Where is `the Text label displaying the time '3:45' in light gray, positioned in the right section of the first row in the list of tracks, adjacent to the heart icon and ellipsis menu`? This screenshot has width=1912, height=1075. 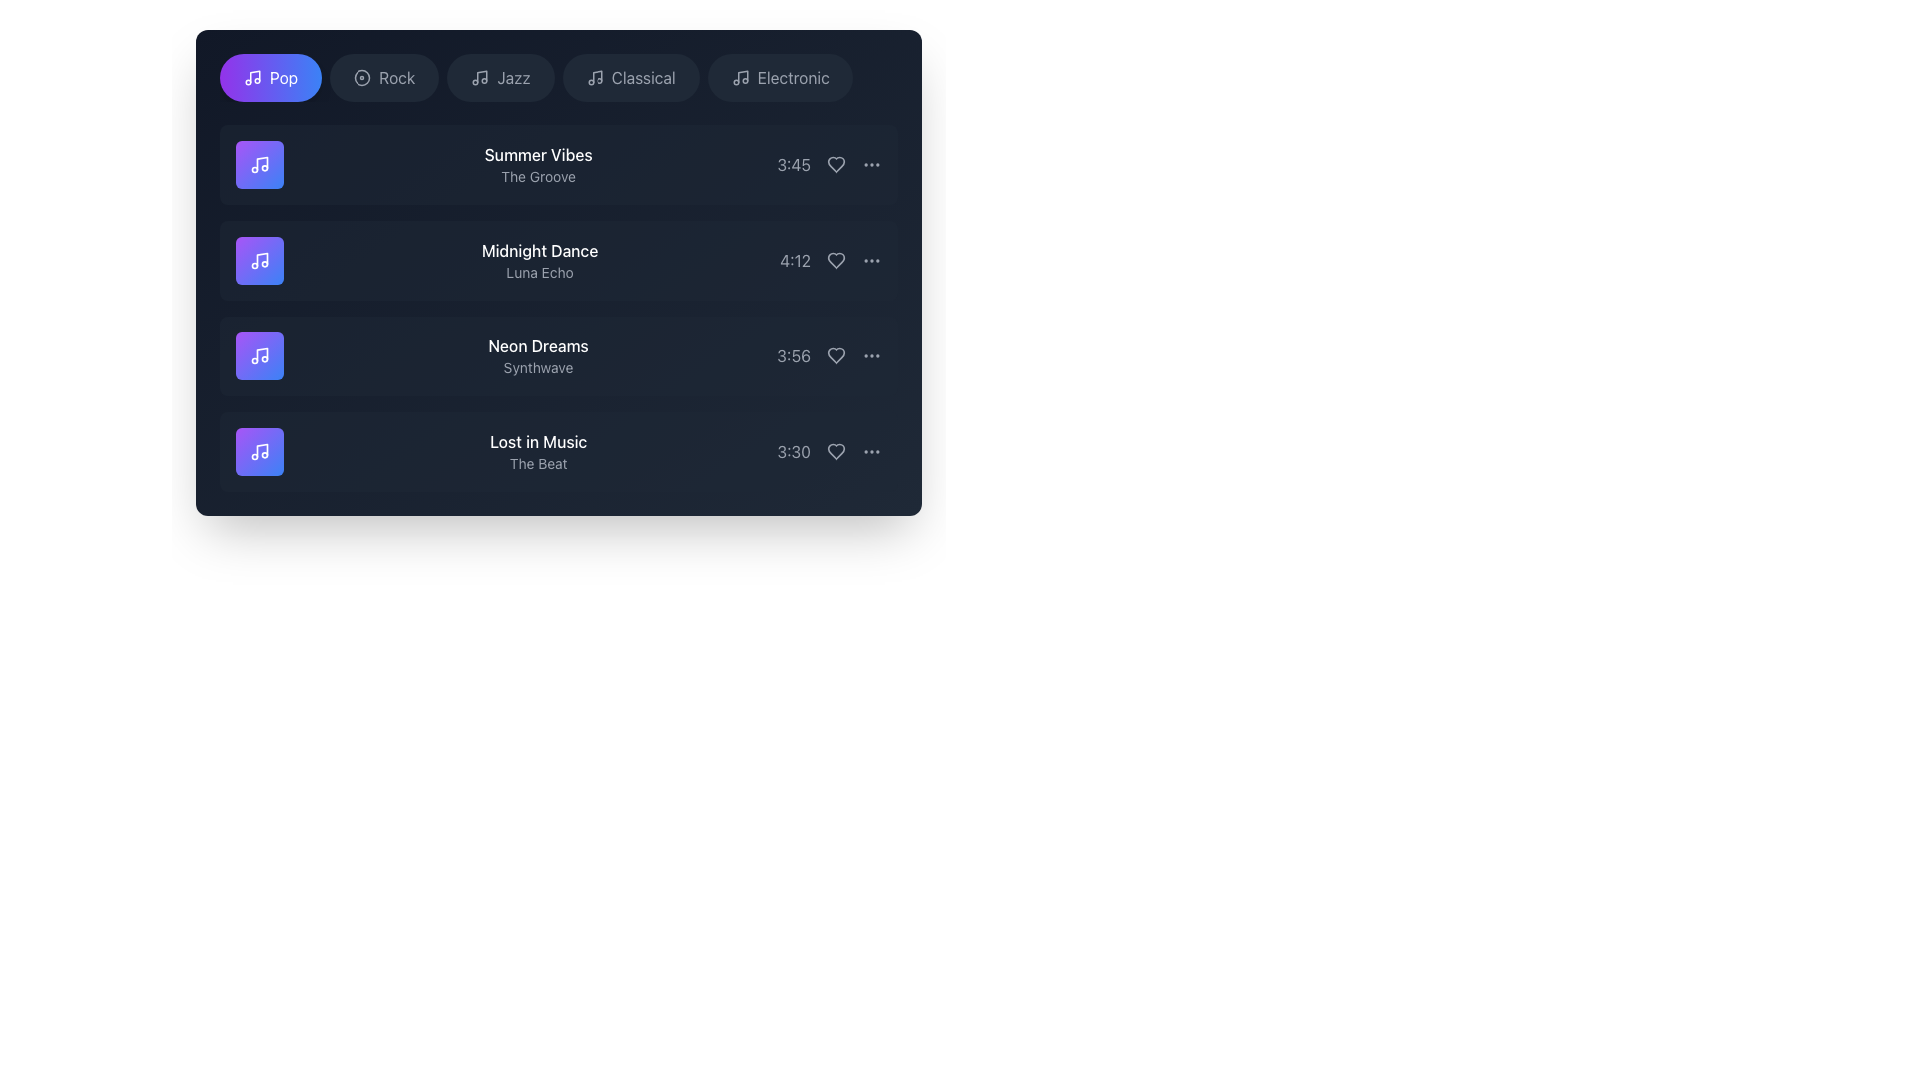 the Text label displaying the time '3:45' in light gray, positioned in the right section of the first row in the list of tracks, adjacent to the heart icon and ellipsis menu is located at coordinates (793, 163).